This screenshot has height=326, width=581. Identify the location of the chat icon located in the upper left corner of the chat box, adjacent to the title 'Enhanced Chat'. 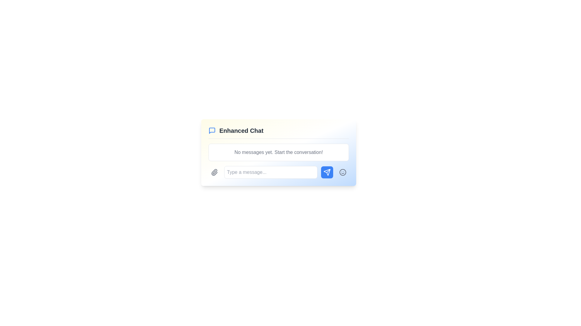
(212, 130).